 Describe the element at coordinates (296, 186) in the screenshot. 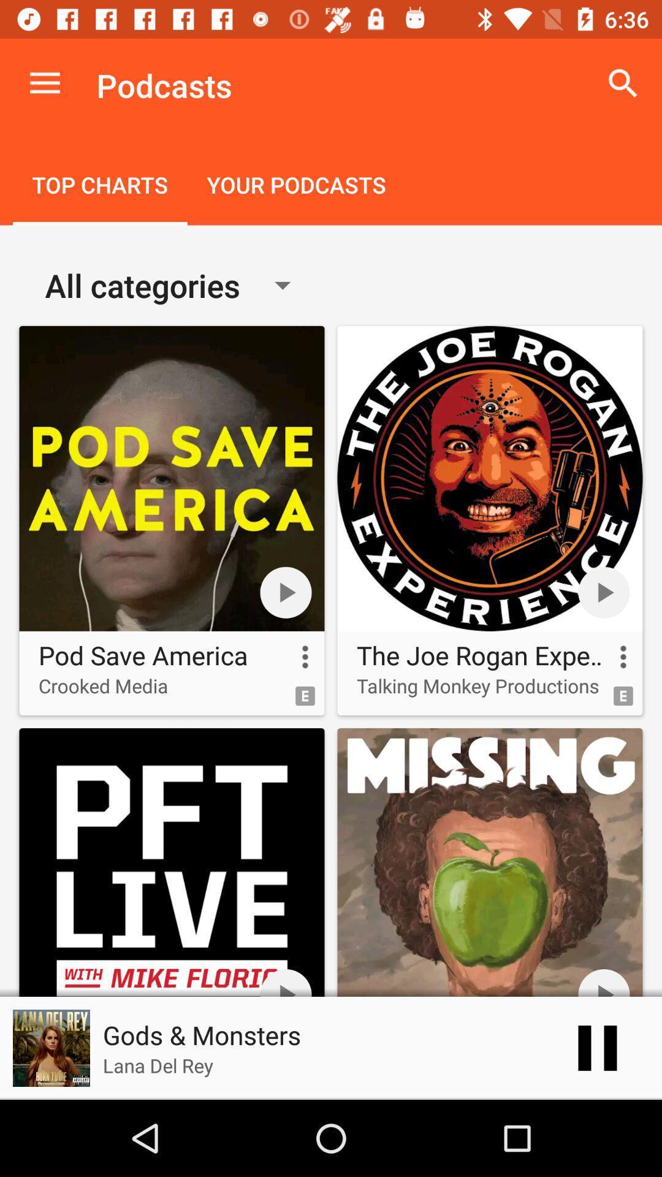

I see `item above all categories` at that location.